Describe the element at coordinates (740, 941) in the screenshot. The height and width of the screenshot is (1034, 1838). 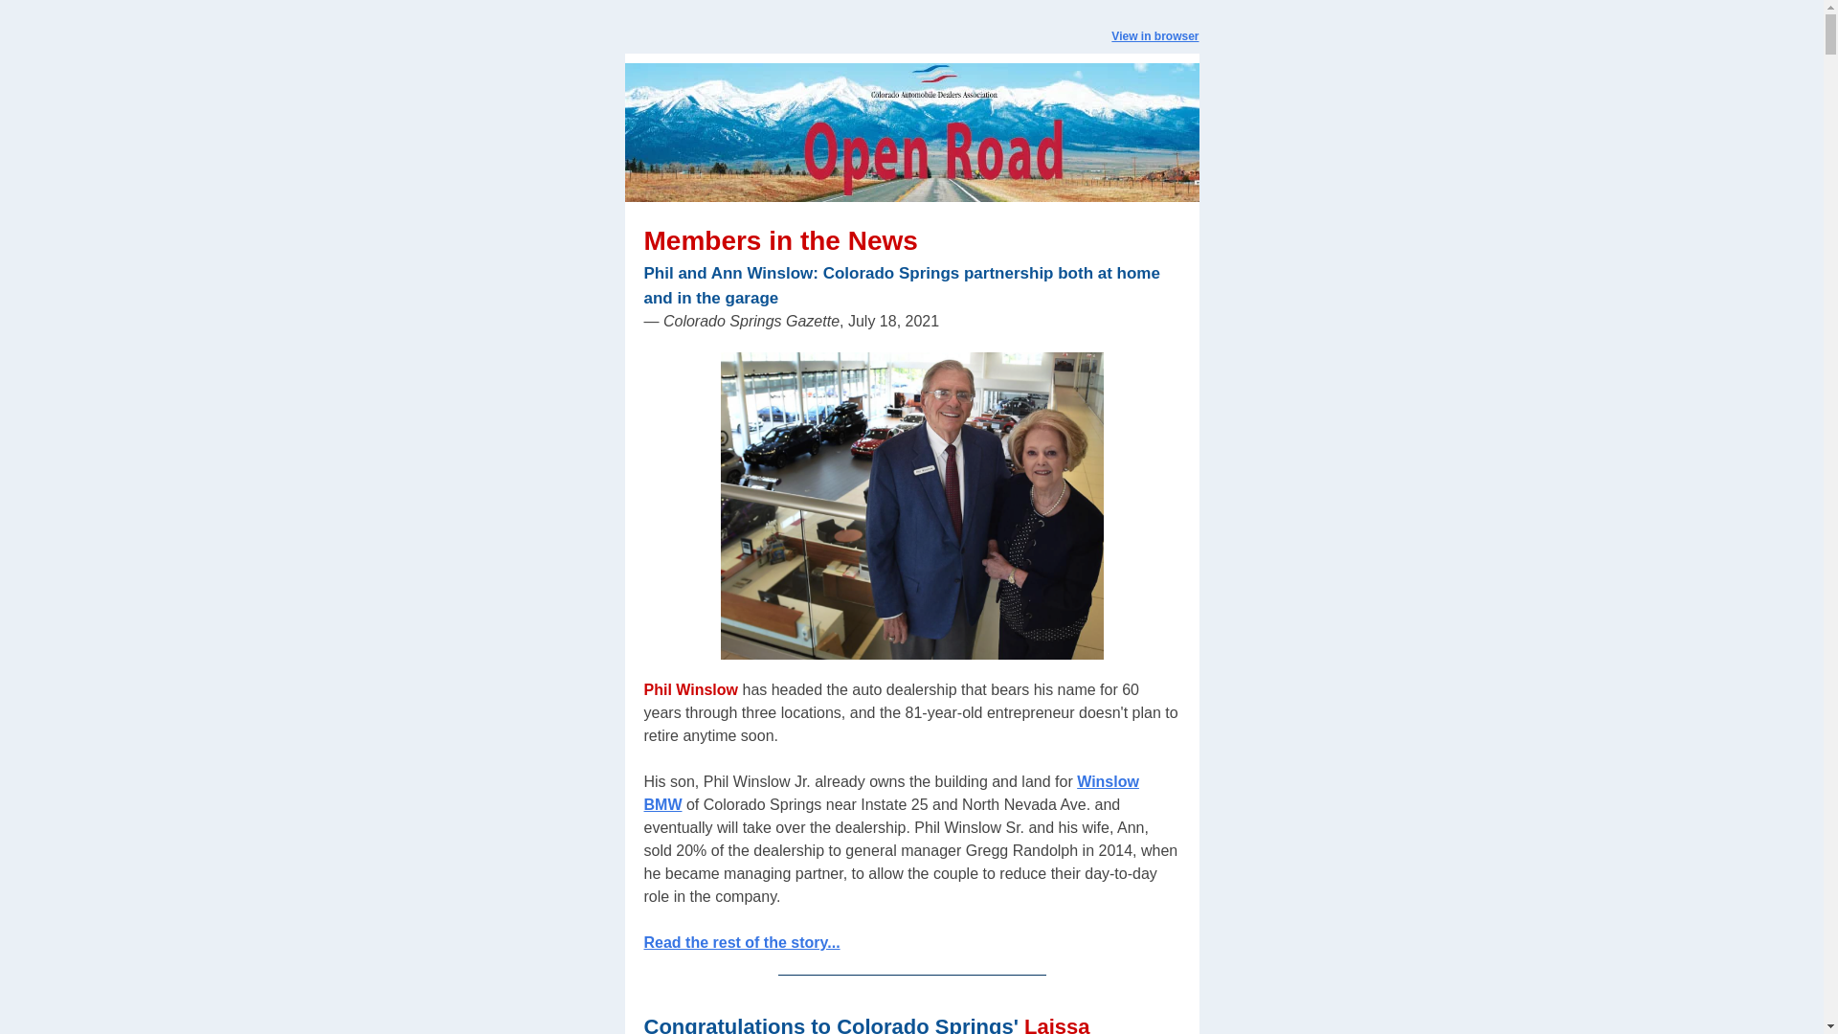
I see `'Read the rest of the story...'` at that location.